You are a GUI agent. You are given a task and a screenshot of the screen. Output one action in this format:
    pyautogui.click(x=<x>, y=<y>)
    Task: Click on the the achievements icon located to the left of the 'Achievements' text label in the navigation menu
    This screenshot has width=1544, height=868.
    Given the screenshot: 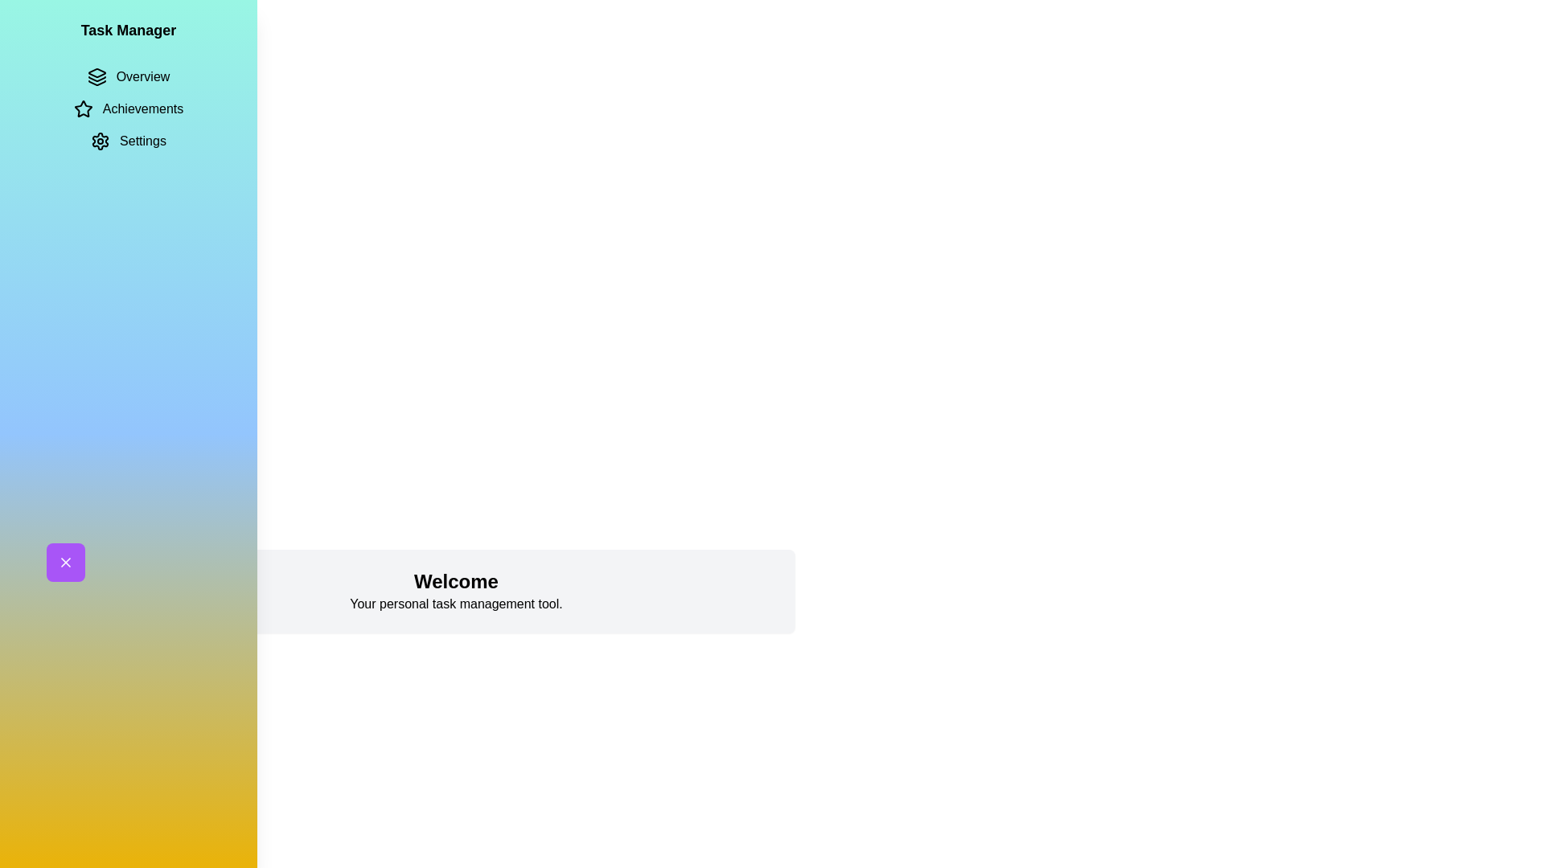 What is the action you would take?
    pyautogui.click(x=82, y=108)
    